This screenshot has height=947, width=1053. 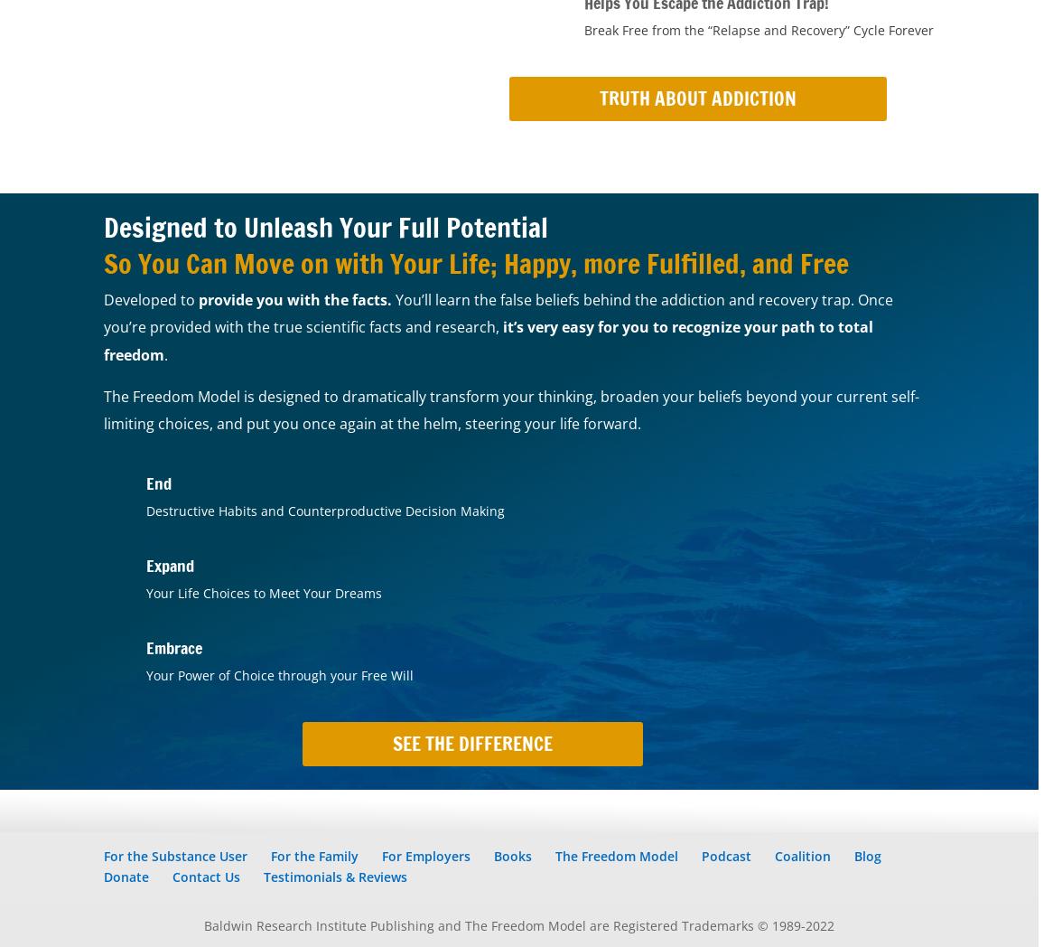 What do you see at coordinates (488, 339) in the screenshot?
I see `'it’s very easy for you to recognize your path to total freedom'` at bounding box center [488, 339].